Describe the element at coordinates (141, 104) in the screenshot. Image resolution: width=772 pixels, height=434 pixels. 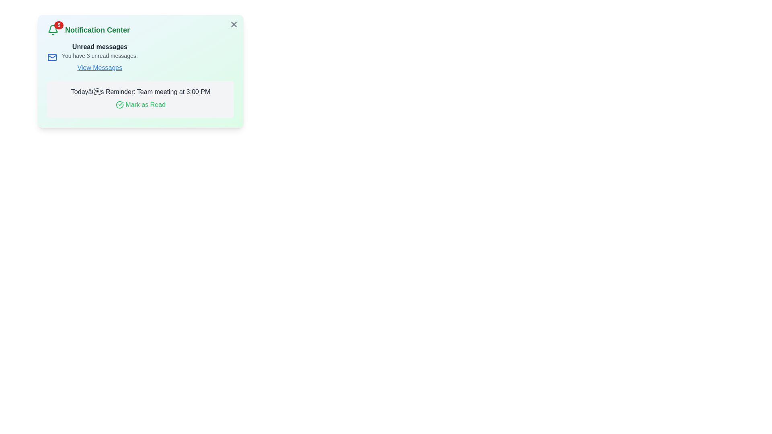
I see `the button located in the notification center panel, directly following the text 'Today’s Reminder: Team meeting at 3:00 PM', to mark the notification as read` at that location.